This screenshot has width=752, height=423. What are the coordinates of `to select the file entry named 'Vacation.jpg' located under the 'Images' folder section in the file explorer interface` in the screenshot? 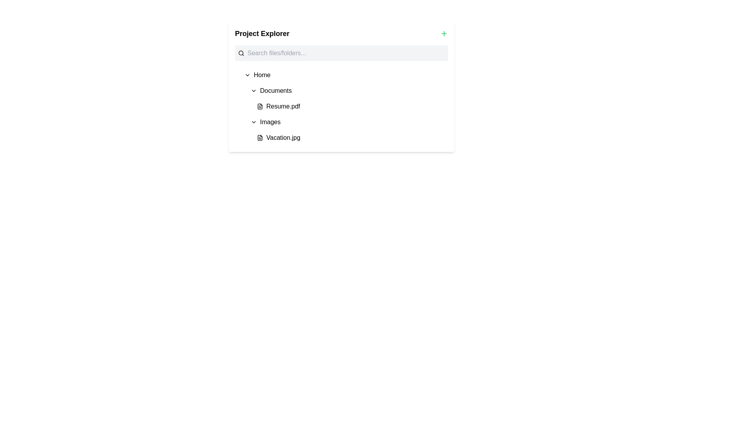 It's located at (347, 137).